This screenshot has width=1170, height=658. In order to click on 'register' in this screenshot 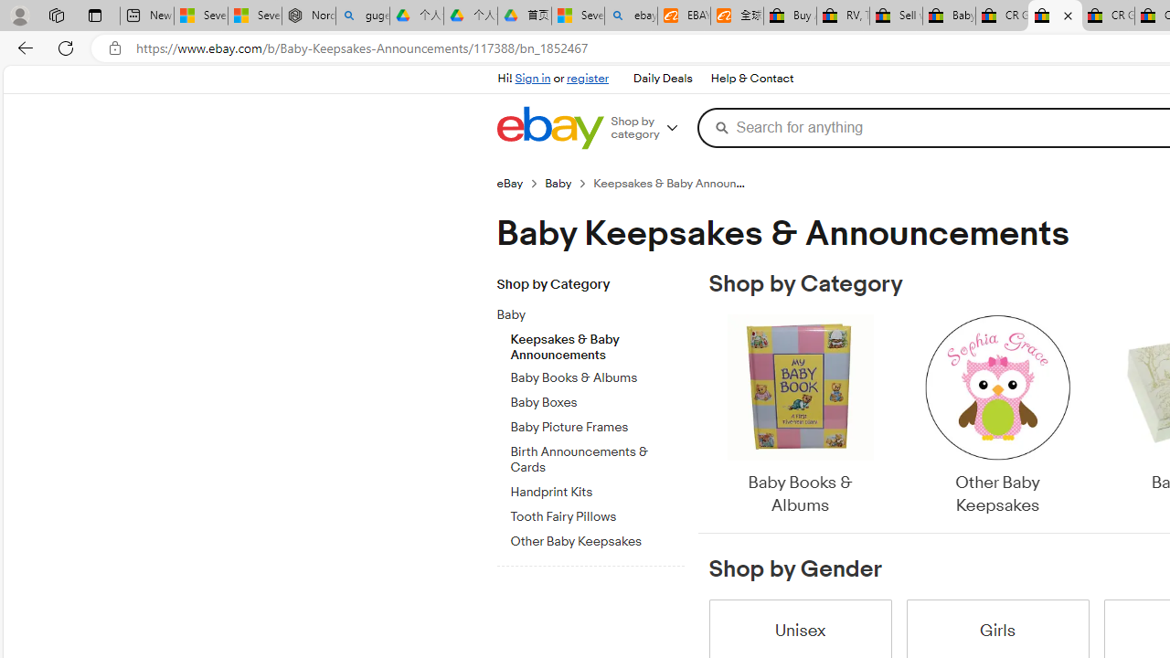, I will do `click(588, 78)`.